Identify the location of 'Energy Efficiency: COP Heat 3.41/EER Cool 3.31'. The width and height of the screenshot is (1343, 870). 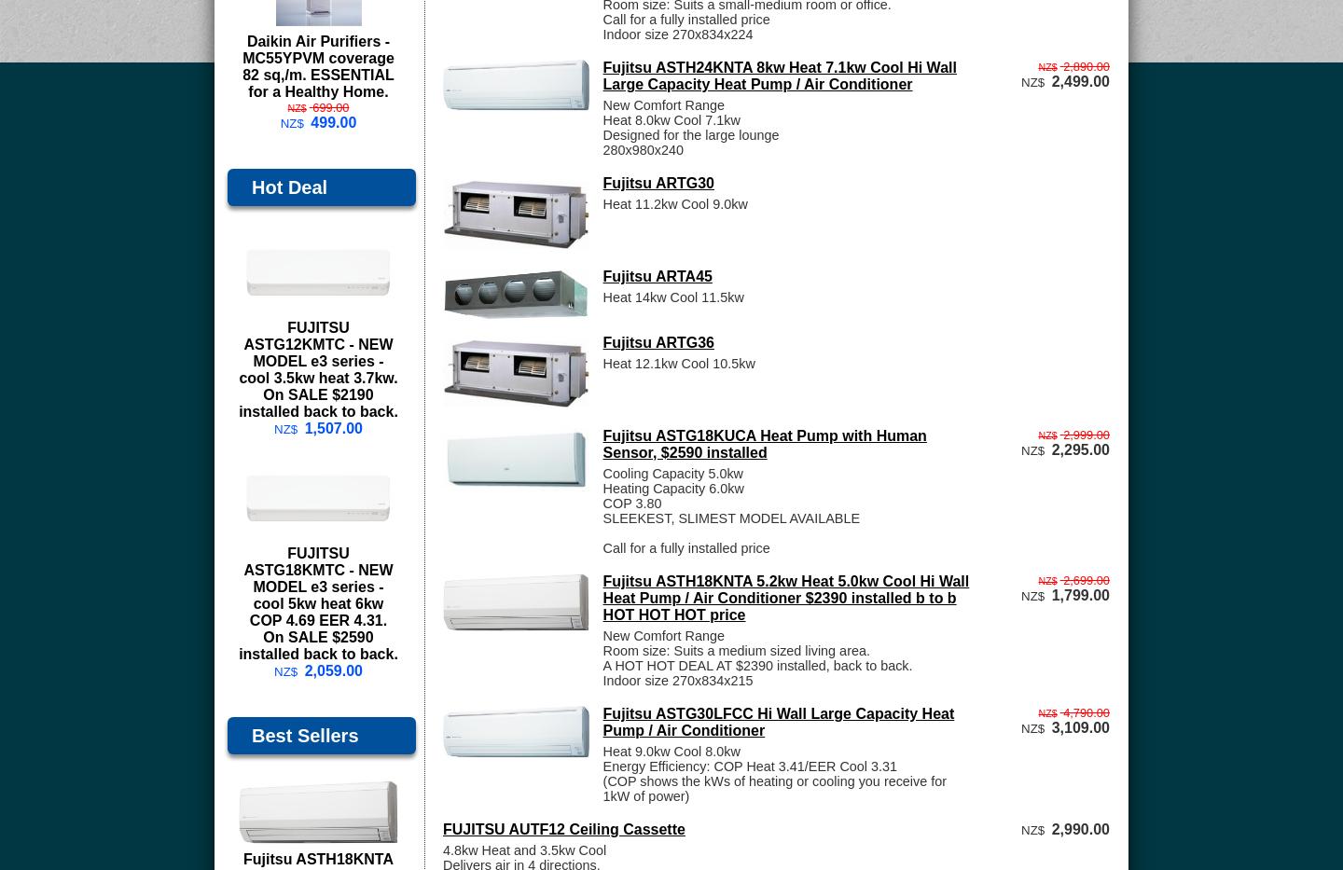
(749, 766).